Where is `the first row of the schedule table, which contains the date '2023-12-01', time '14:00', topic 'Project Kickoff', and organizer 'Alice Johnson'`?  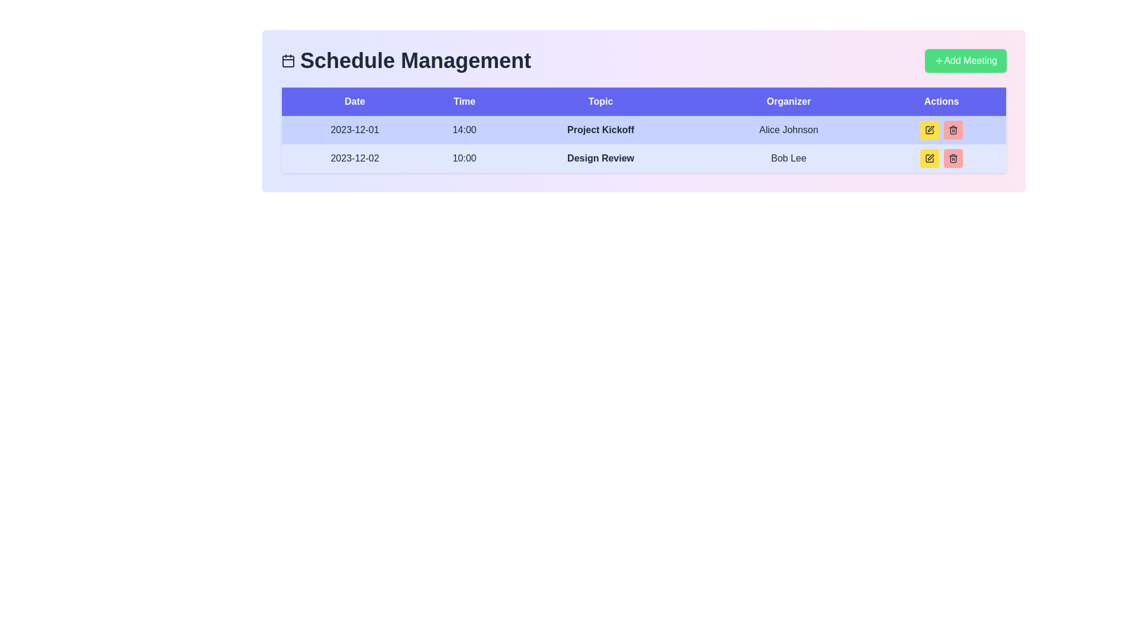 the first row of the schedule table, which contains the date '2023-12-01', time '14:00', topic 'Project Kickoff', and organizer 'Alice Johnson' is located at coordinates (643, 130).